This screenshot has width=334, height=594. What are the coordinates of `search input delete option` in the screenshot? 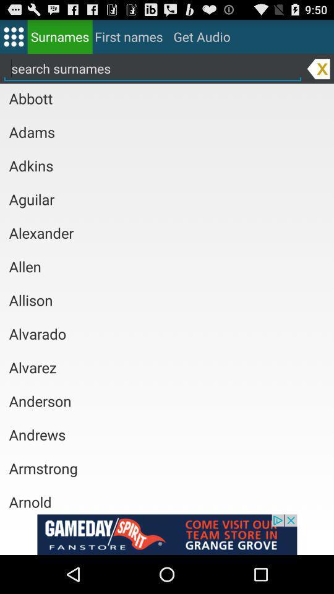 It's located at (319, 68).